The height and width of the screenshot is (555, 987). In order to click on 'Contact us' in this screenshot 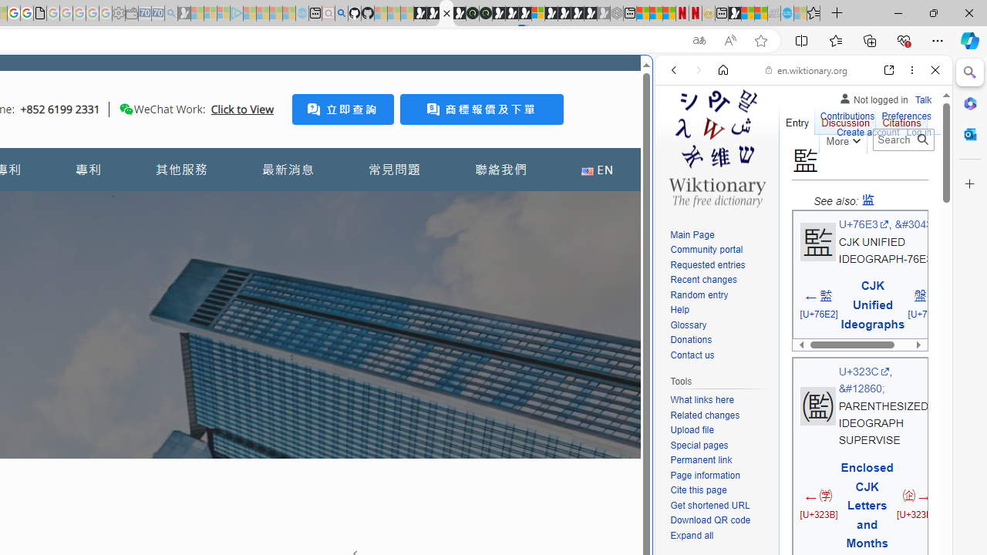, I will do `click(720, 355)`.